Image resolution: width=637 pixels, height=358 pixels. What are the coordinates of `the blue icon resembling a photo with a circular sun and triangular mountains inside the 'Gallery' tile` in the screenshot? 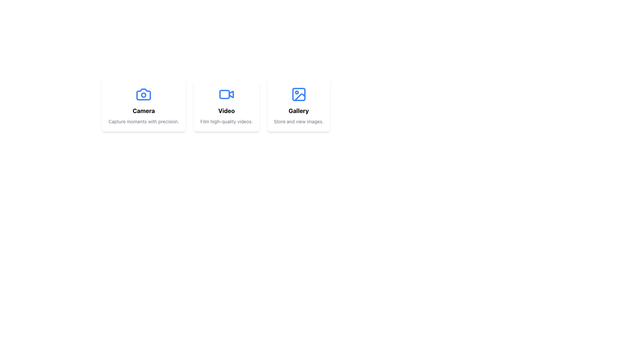 It's located at (298, 94).